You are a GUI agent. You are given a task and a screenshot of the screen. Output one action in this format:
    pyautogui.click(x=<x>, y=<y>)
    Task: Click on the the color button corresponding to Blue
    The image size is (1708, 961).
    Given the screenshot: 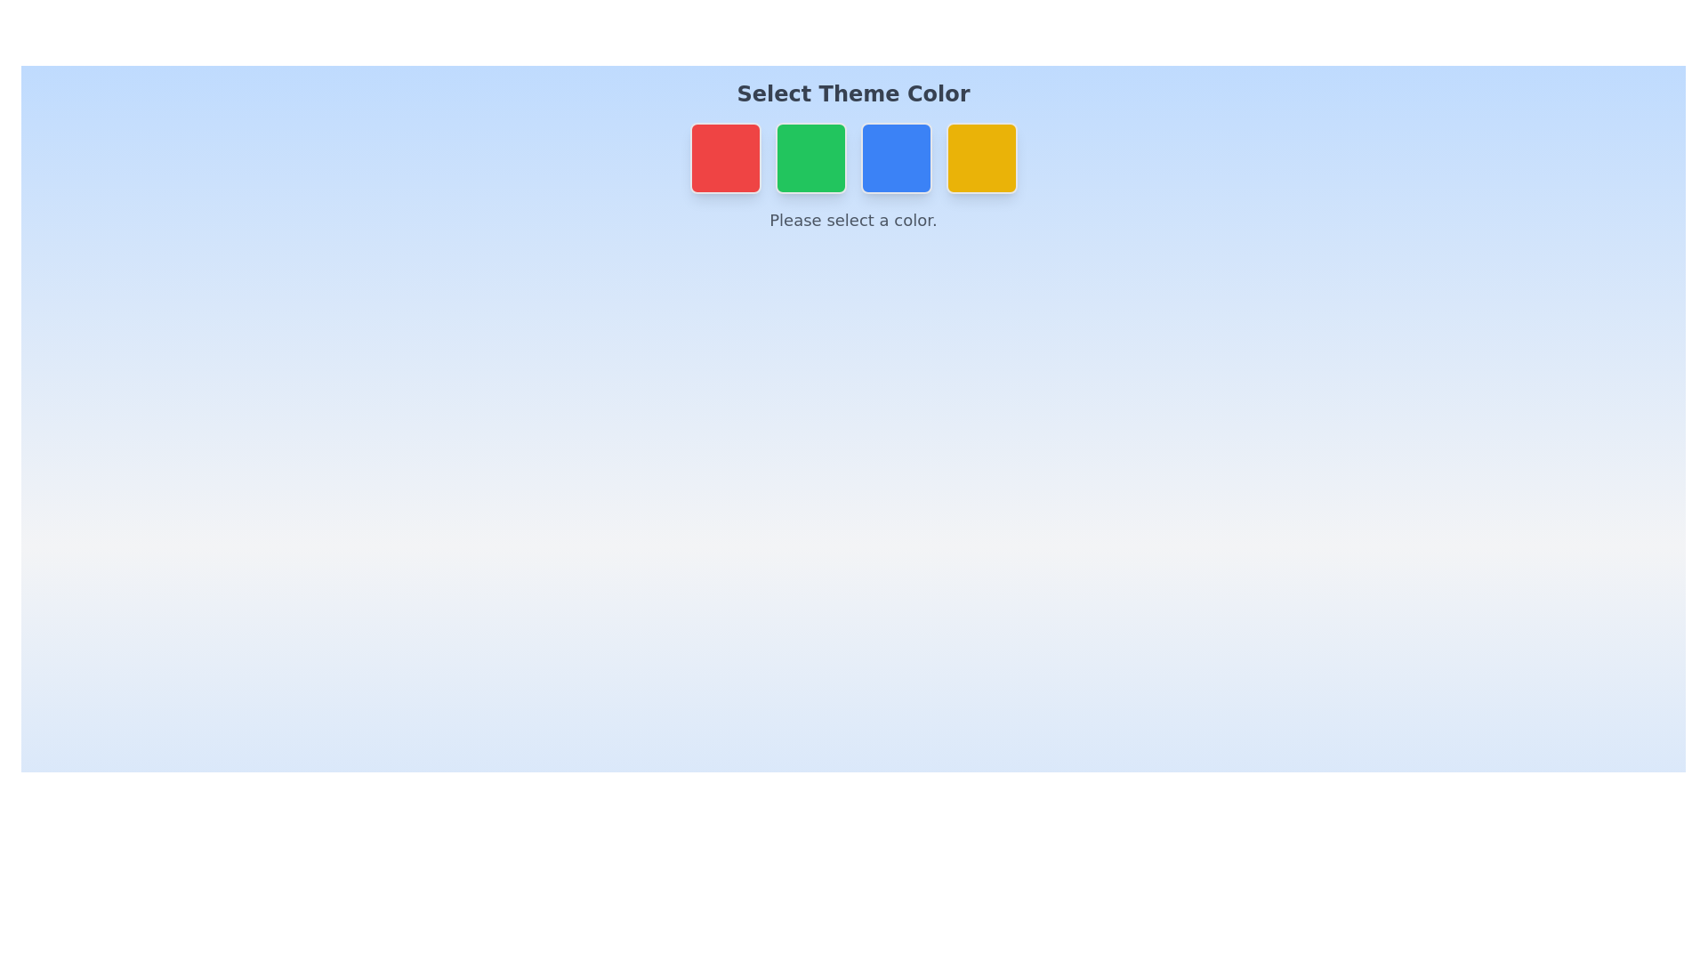 What is the action you would take?
    pyautogui.click(x=896, y=157)
    